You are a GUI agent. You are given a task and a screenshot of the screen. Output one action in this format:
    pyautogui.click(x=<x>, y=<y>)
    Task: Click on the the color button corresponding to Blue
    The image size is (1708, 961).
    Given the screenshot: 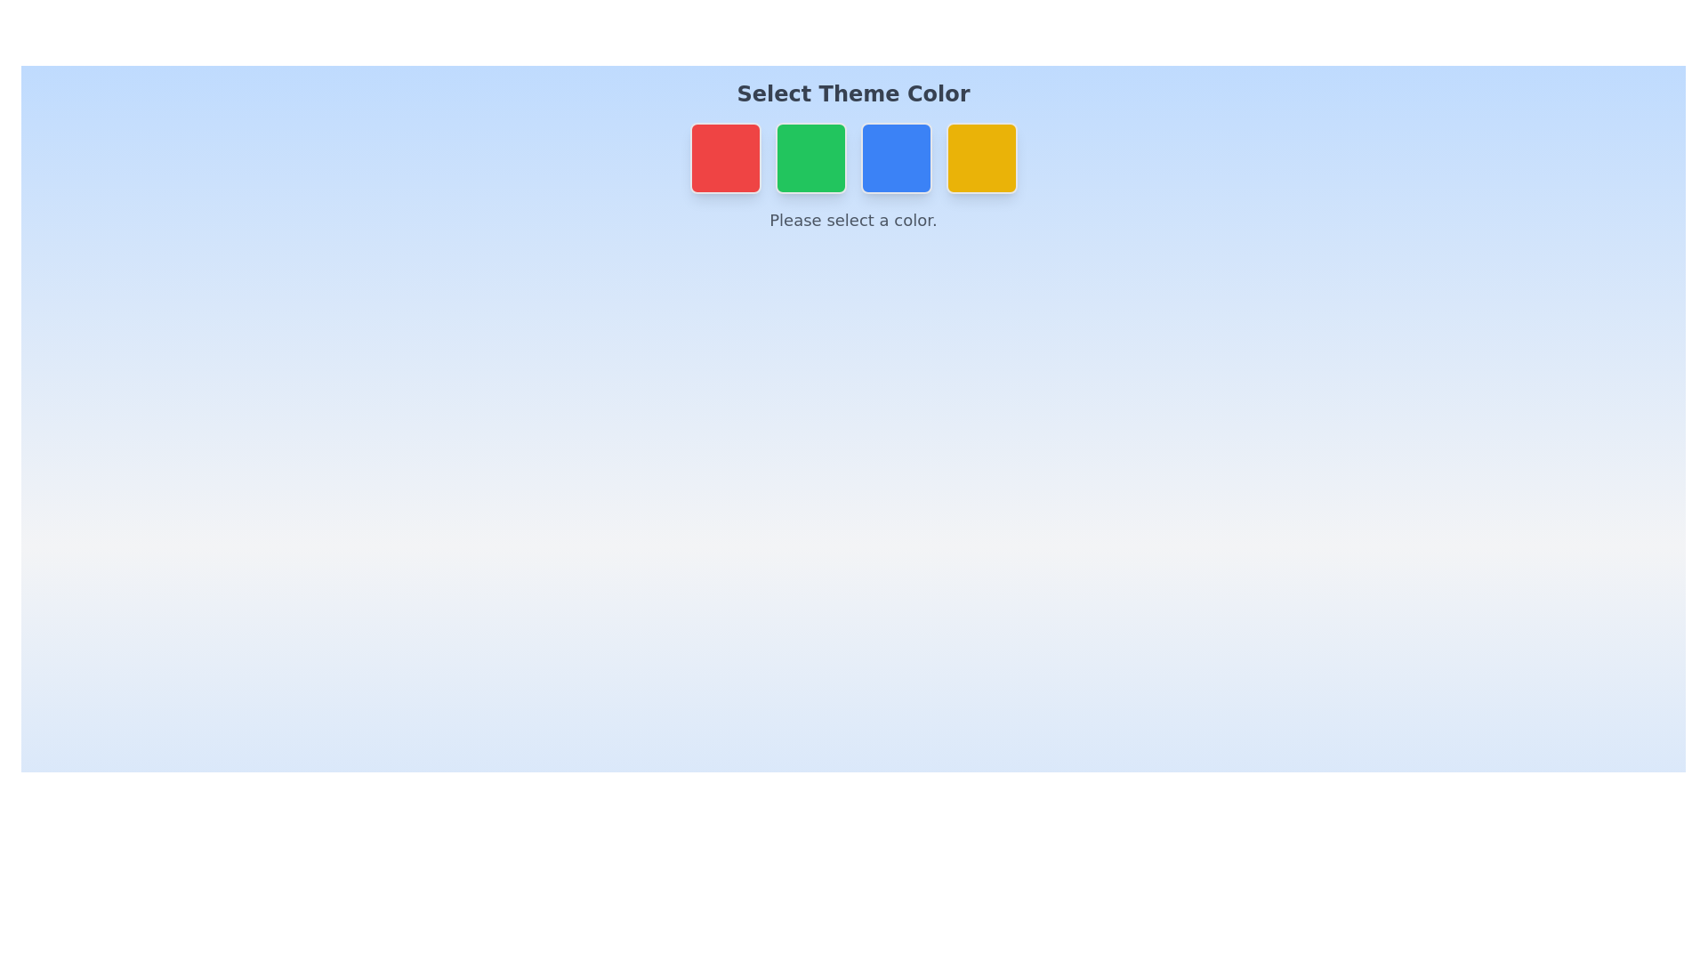 What is the action you would take?
    pyautogui.click(x=896, y=157)
    